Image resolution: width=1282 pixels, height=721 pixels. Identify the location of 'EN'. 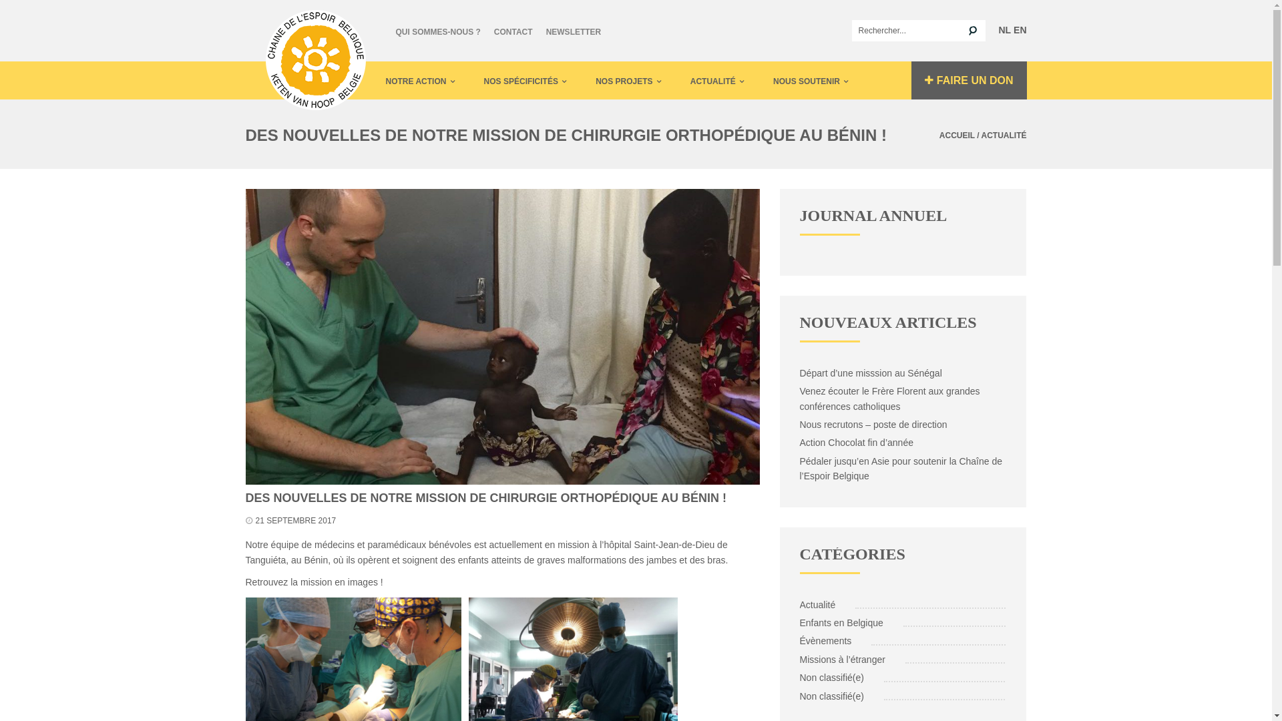
(1019, 30).